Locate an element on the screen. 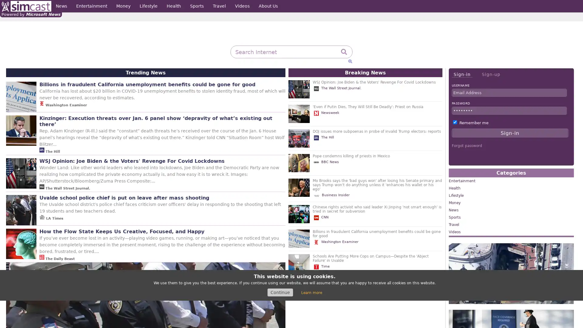 The width and height of the screenshot is (583, 328). Sign-up is located at coordinates (491, 74).